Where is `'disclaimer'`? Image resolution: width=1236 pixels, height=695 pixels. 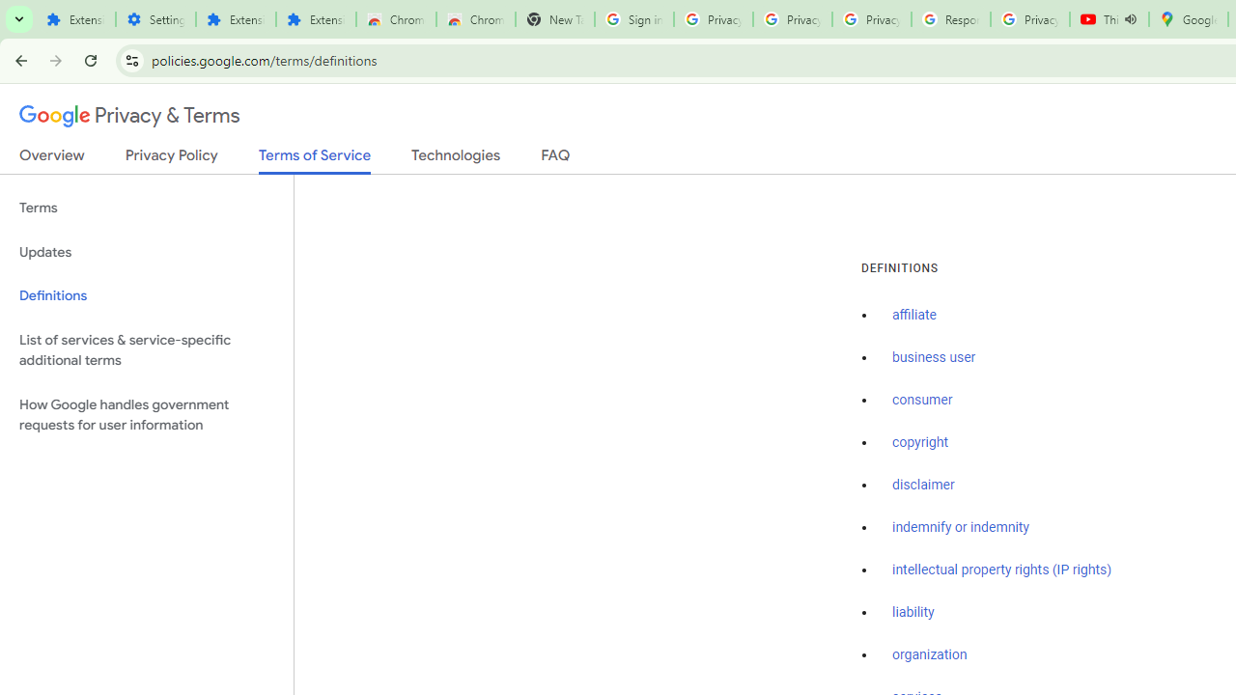
'disclaimer' is located at coordinates (922, 484).